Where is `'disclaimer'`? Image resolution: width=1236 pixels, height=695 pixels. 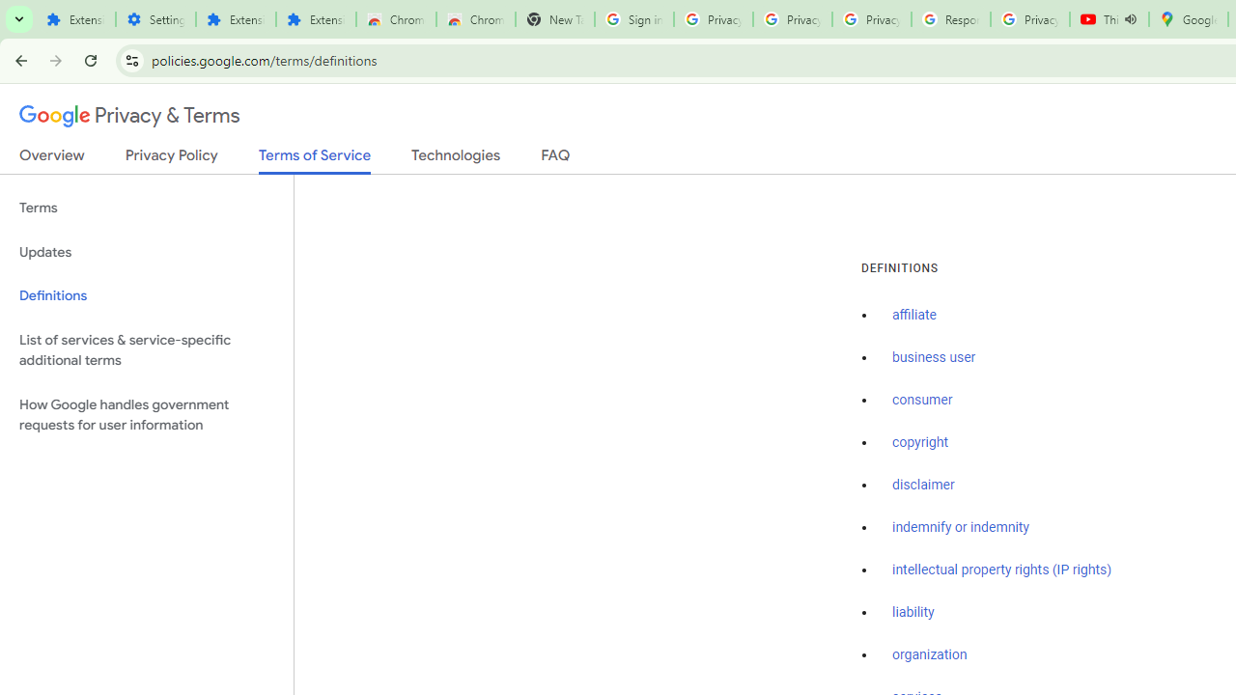
'disclaimer' is located at coordinates (922, 484).